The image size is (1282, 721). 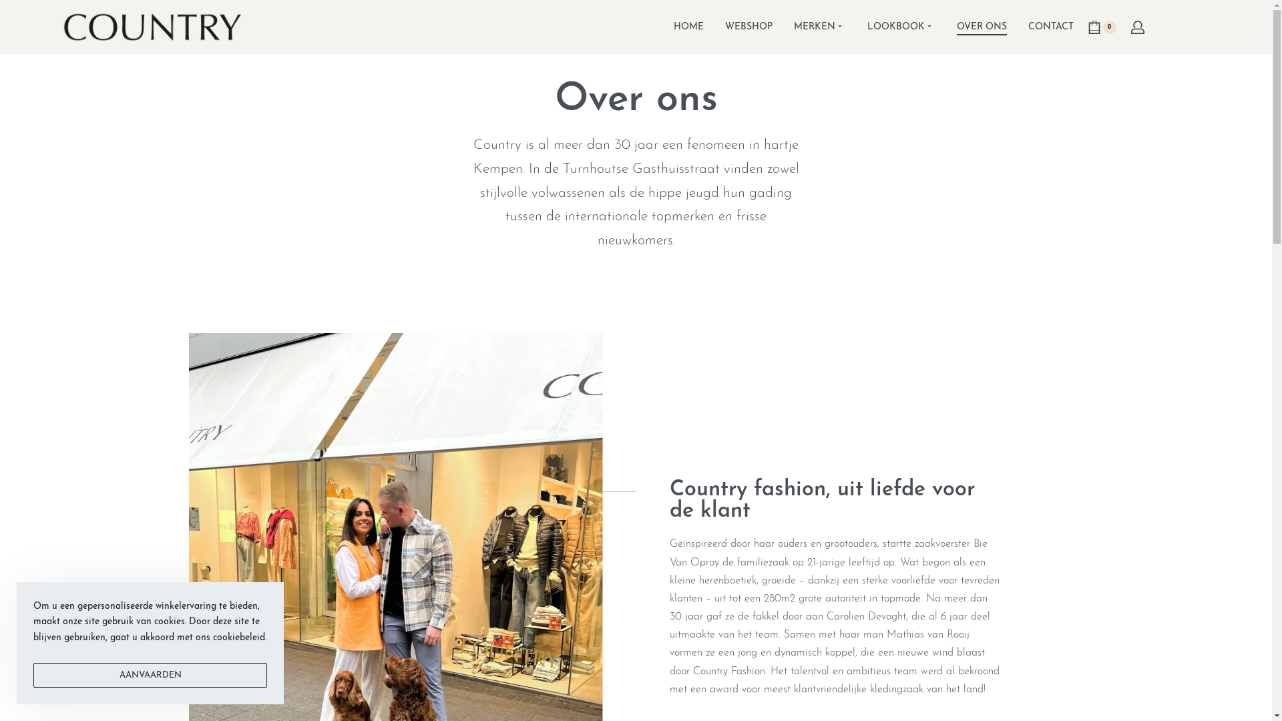 What do you see at coordinates (673, 27) in the screenshot?
I see `'HOME'` at bounding box center [673, 27].